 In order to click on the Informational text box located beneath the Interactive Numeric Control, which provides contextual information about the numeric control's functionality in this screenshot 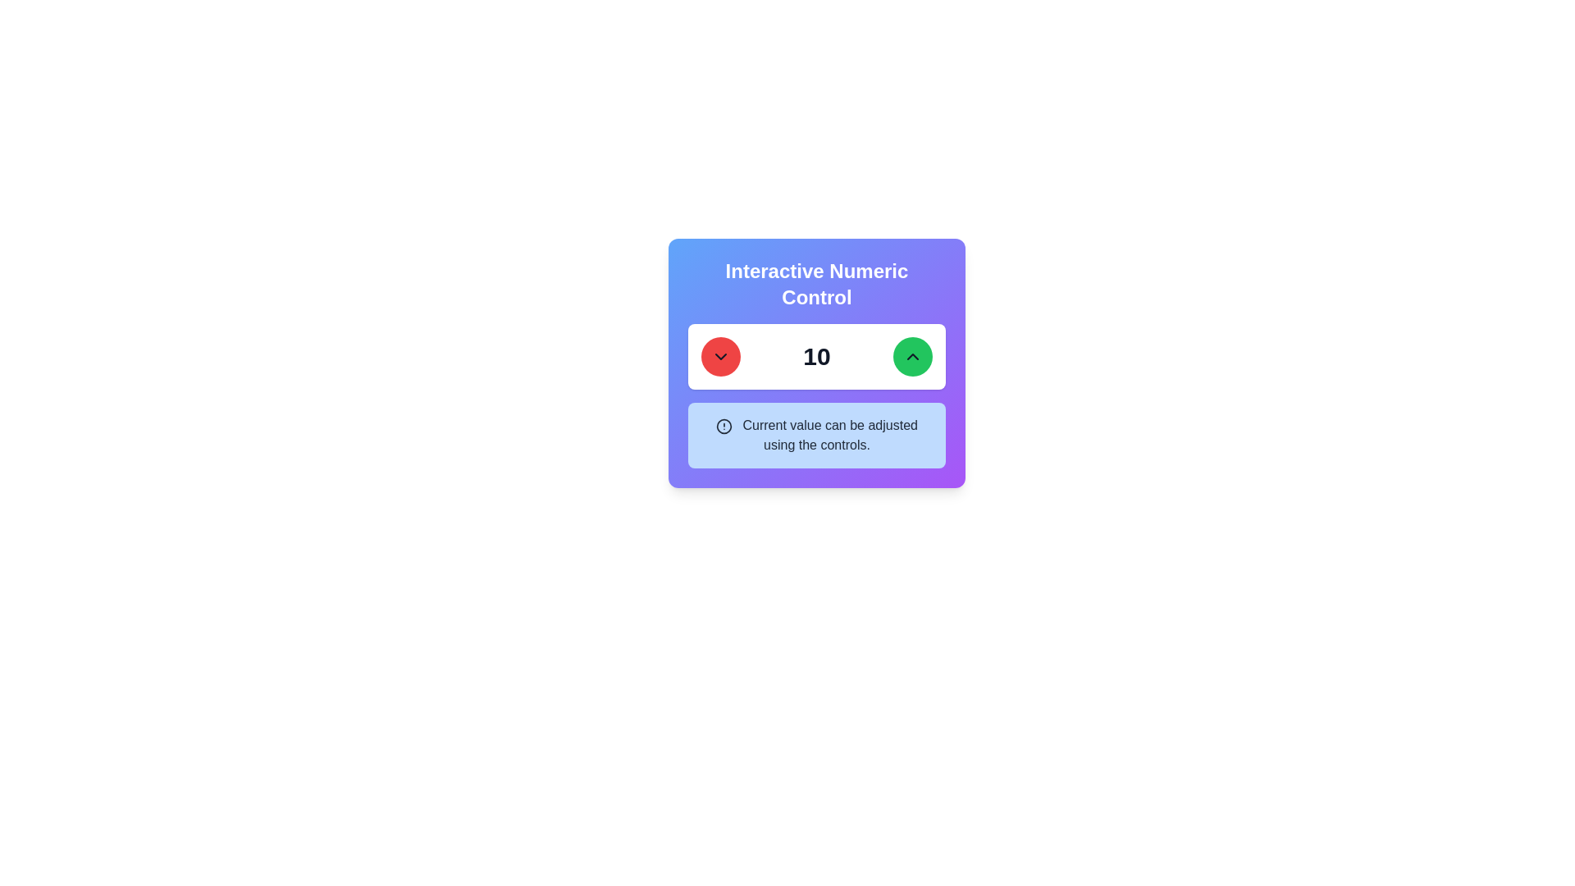, I will do `click(817, 435)`.